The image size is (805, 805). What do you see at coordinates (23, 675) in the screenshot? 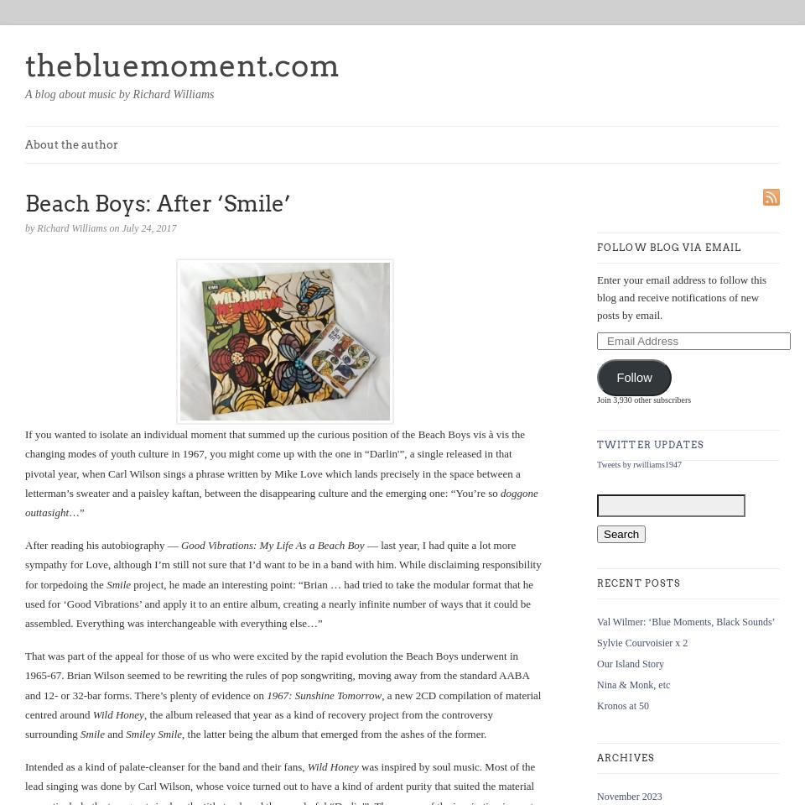
I see `'That was part of the appeal for those of us who were excited by the rapid evolution the Beach Boys underwent in 1965-67. Brian Wilson seemed to be rewriting the rules of pop songwriting, moving away from the standard AABA and 12- or 32-bar forms. There’s plenty of evidence on'` at bounding box center [23, 675].